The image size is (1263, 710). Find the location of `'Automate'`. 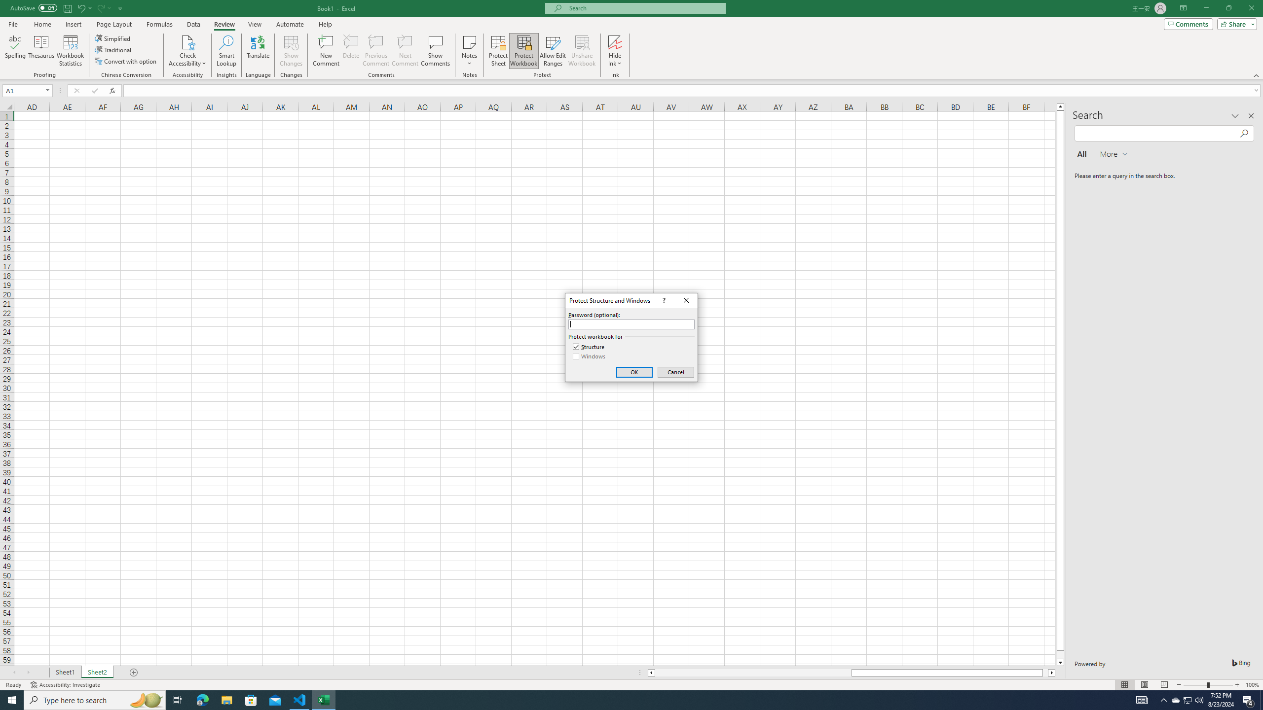

'Automate' is located at coordinates (290, 24).